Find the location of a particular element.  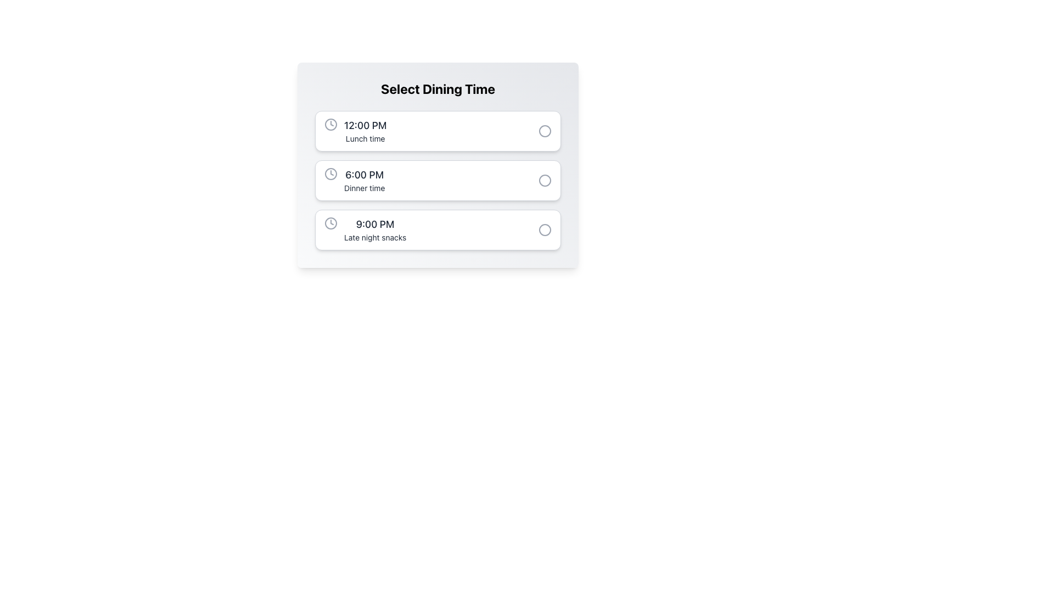

the list item displaying '9:00 PM' with the subtitle 'Late night snacks' in the 'Select Dining Time' selection list is located at coordinates (365, 230).